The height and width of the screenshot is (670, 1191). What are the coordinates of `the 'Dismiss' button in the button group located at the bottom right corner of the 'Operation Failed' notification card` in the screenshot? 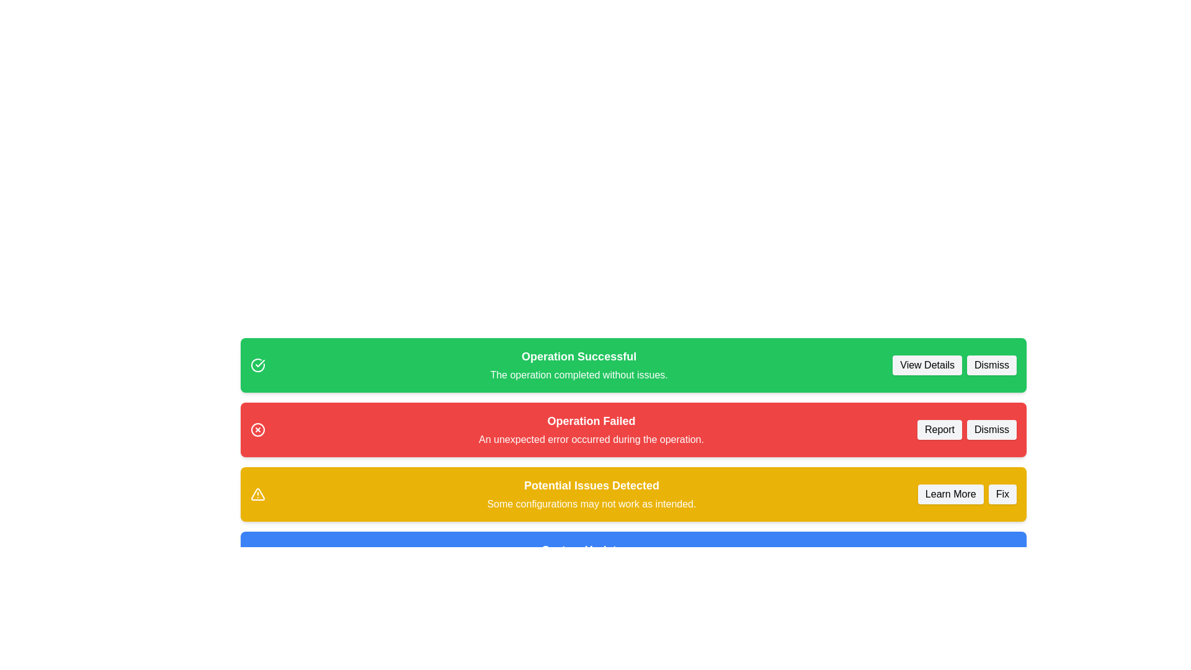 It's located at (966, 429).